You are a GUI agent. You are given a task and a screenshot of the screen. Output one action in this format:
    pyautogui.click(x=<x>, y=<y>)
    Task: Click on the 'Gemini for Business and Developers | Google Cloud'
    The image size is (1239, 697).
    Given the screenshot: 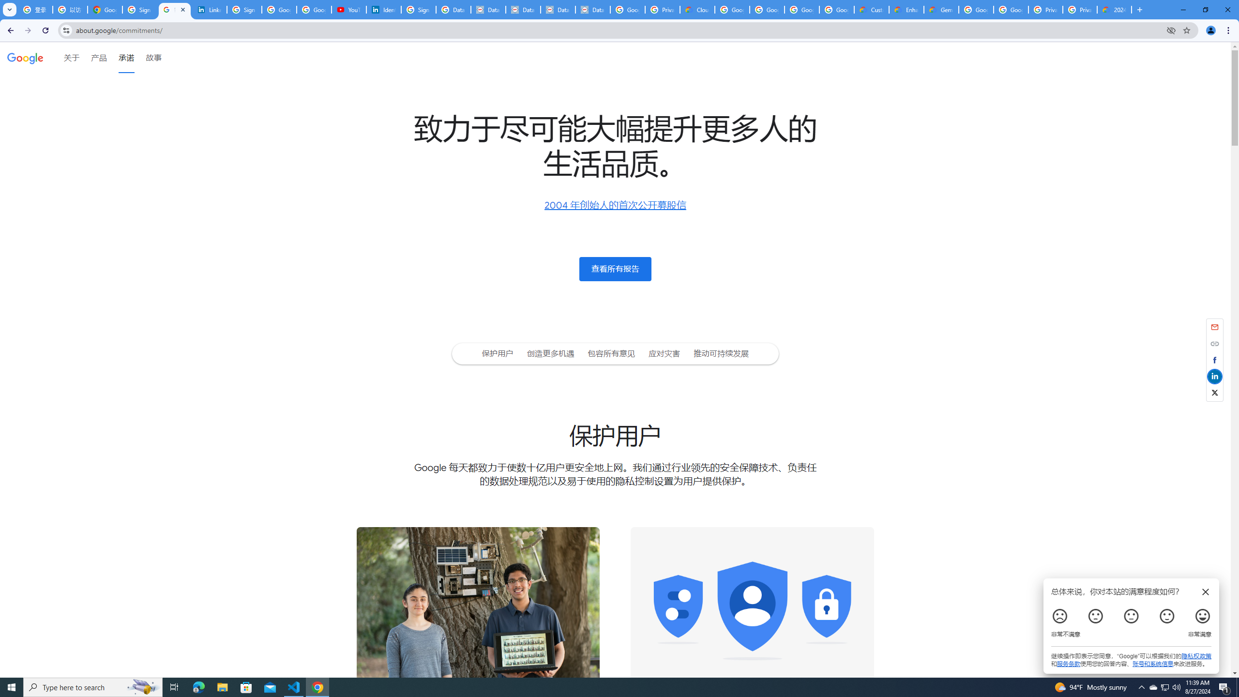 What is the action you would take?
    pyautogui.click(x=941, y=9)
    